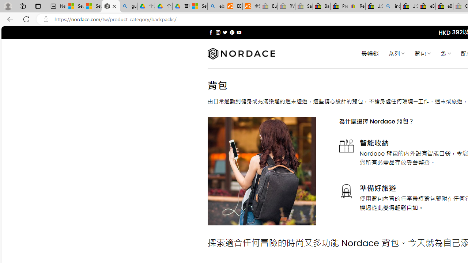 Image resolution: width=468 pixels, height=263 pixels. I want to click on 'Baby Keepsakes & Announcements for sale | eBay', so click(321, 6).